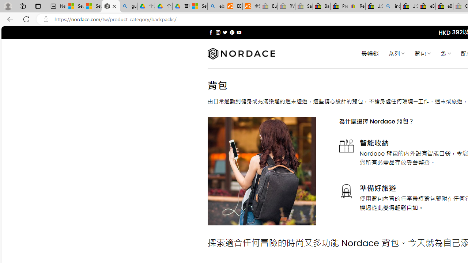 Image resolution: width=468 pixels, height=263 pixels. I want to click on 'Baby Keepsakes & Announcements for sale | eBay', so click(321, 6).